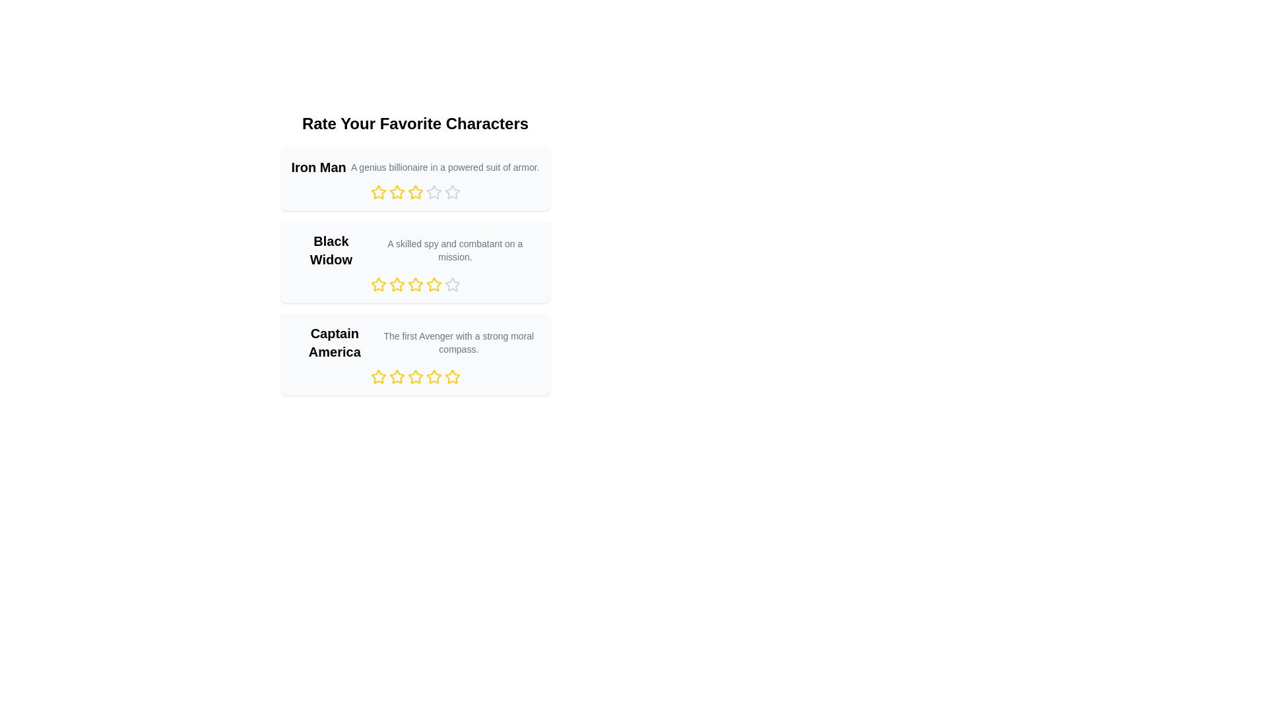 This screenshot has height=712, width=1267. What do you see at coordinates (414, 193) in the screenshot?
I see `the interactive yellow star icon with a hollow center, which is the third star in a row of five stars within the 'Iron Man' card` at bounding box center [414, 193].